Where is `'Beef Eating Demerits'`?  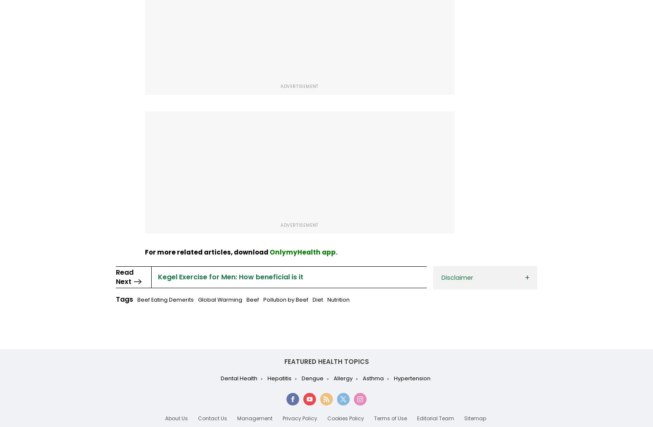
'Beef Eating Demerits' is located at coordinates (165, 300).